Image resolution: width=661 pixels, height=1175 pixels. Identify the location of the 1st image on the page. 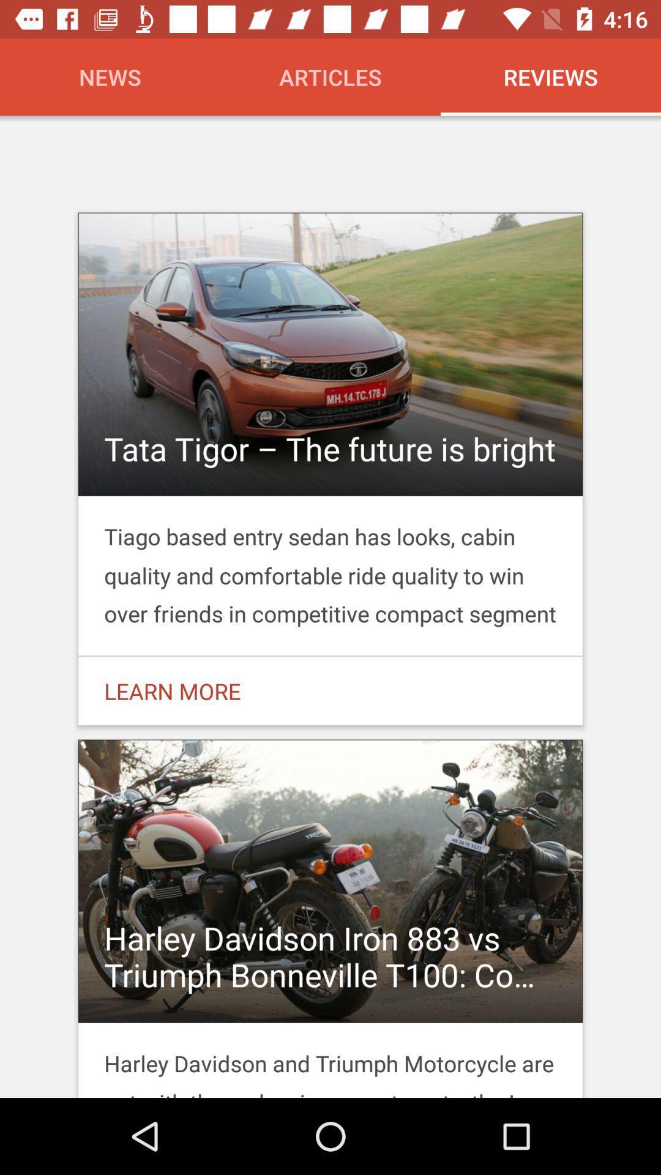
(330, 468).